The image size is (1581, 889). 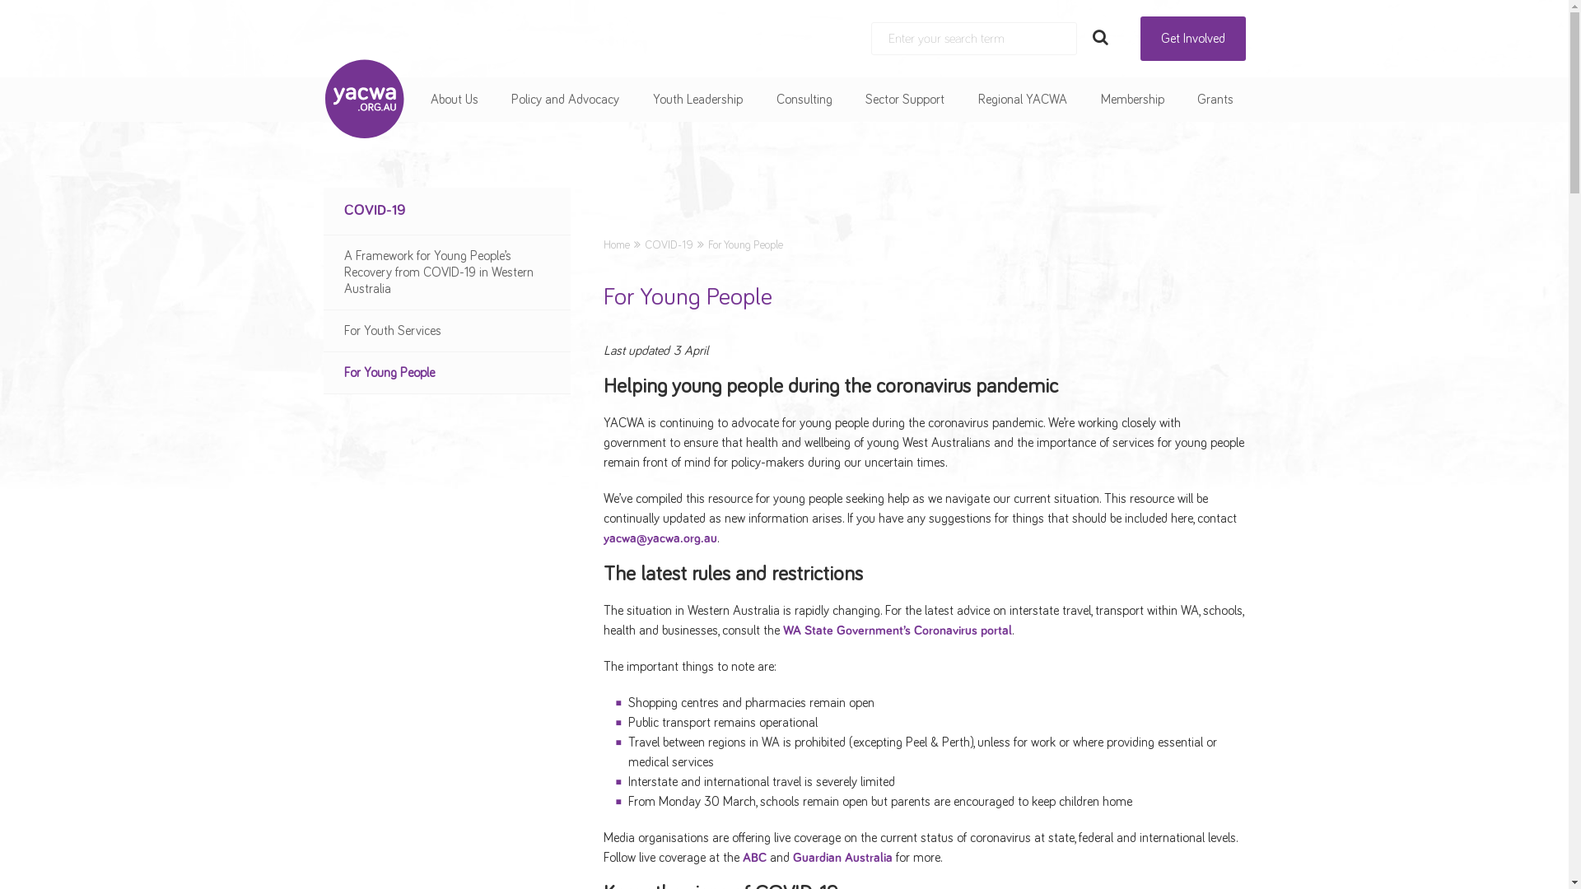 I want to click on 'yacwa@yacwa.org.au', so click(x=660, y=538).